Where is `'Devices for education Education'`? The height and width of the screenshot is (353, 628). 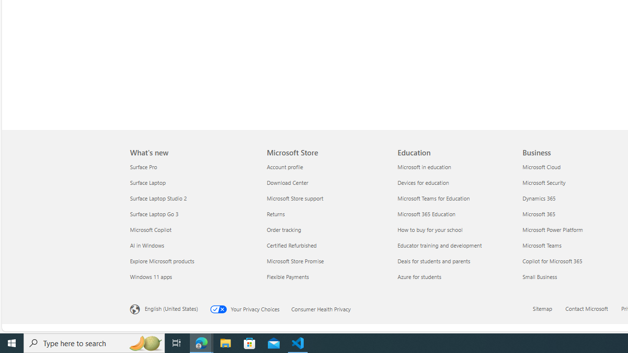 'Devices for education Education' is located at coordinates (423, 182).